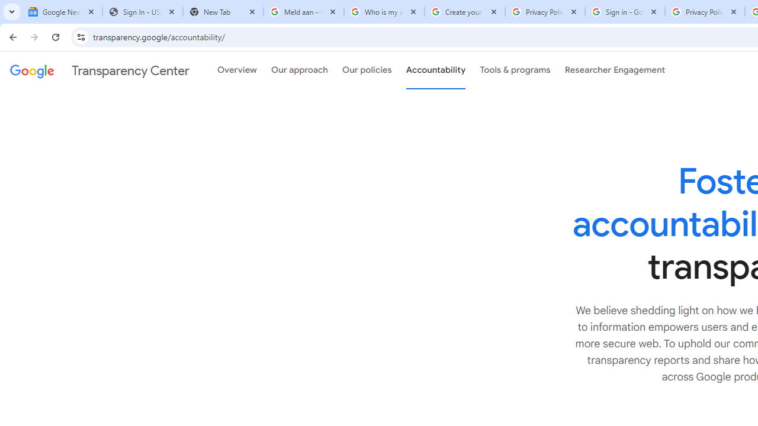  I want to click on 'Create your Google Account', so click(464, 12).